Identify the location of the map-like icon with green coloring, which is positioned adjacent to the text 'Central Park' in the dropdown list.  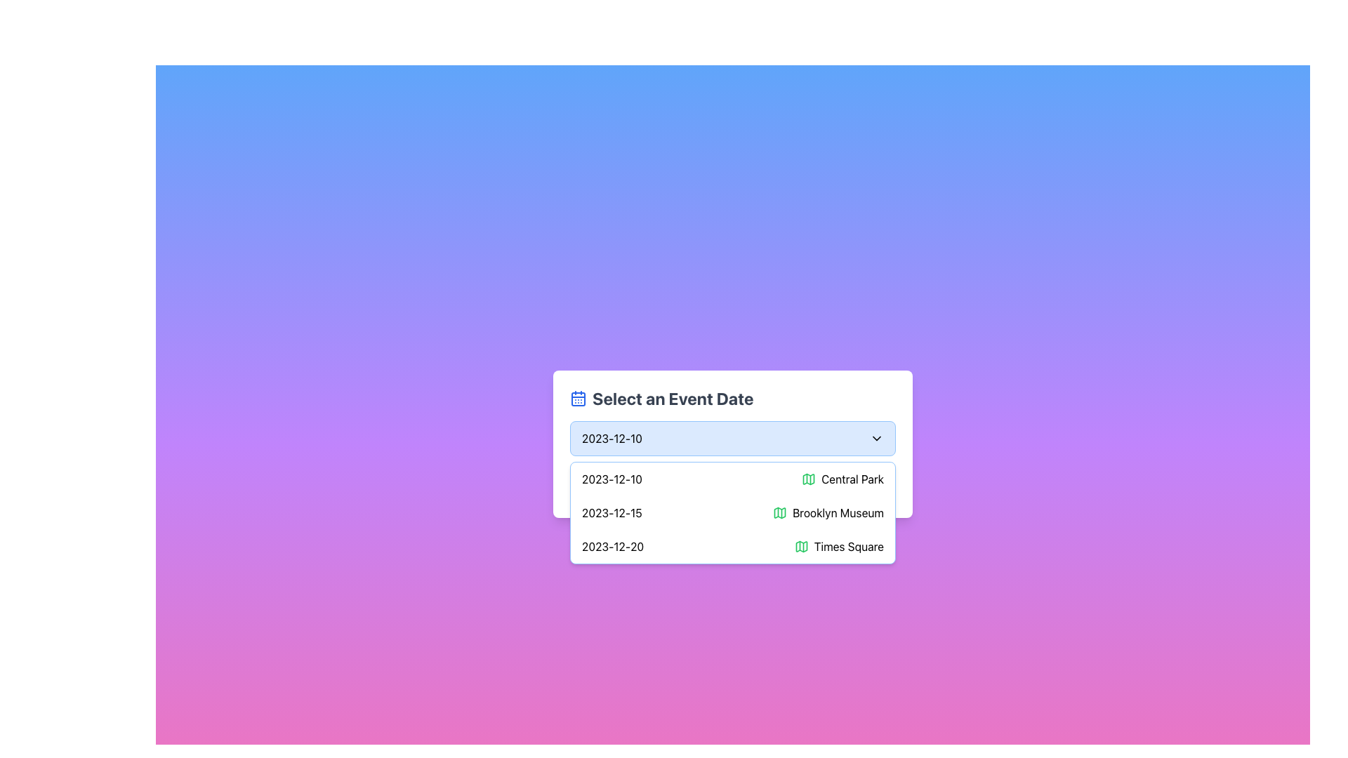
(801, 546).